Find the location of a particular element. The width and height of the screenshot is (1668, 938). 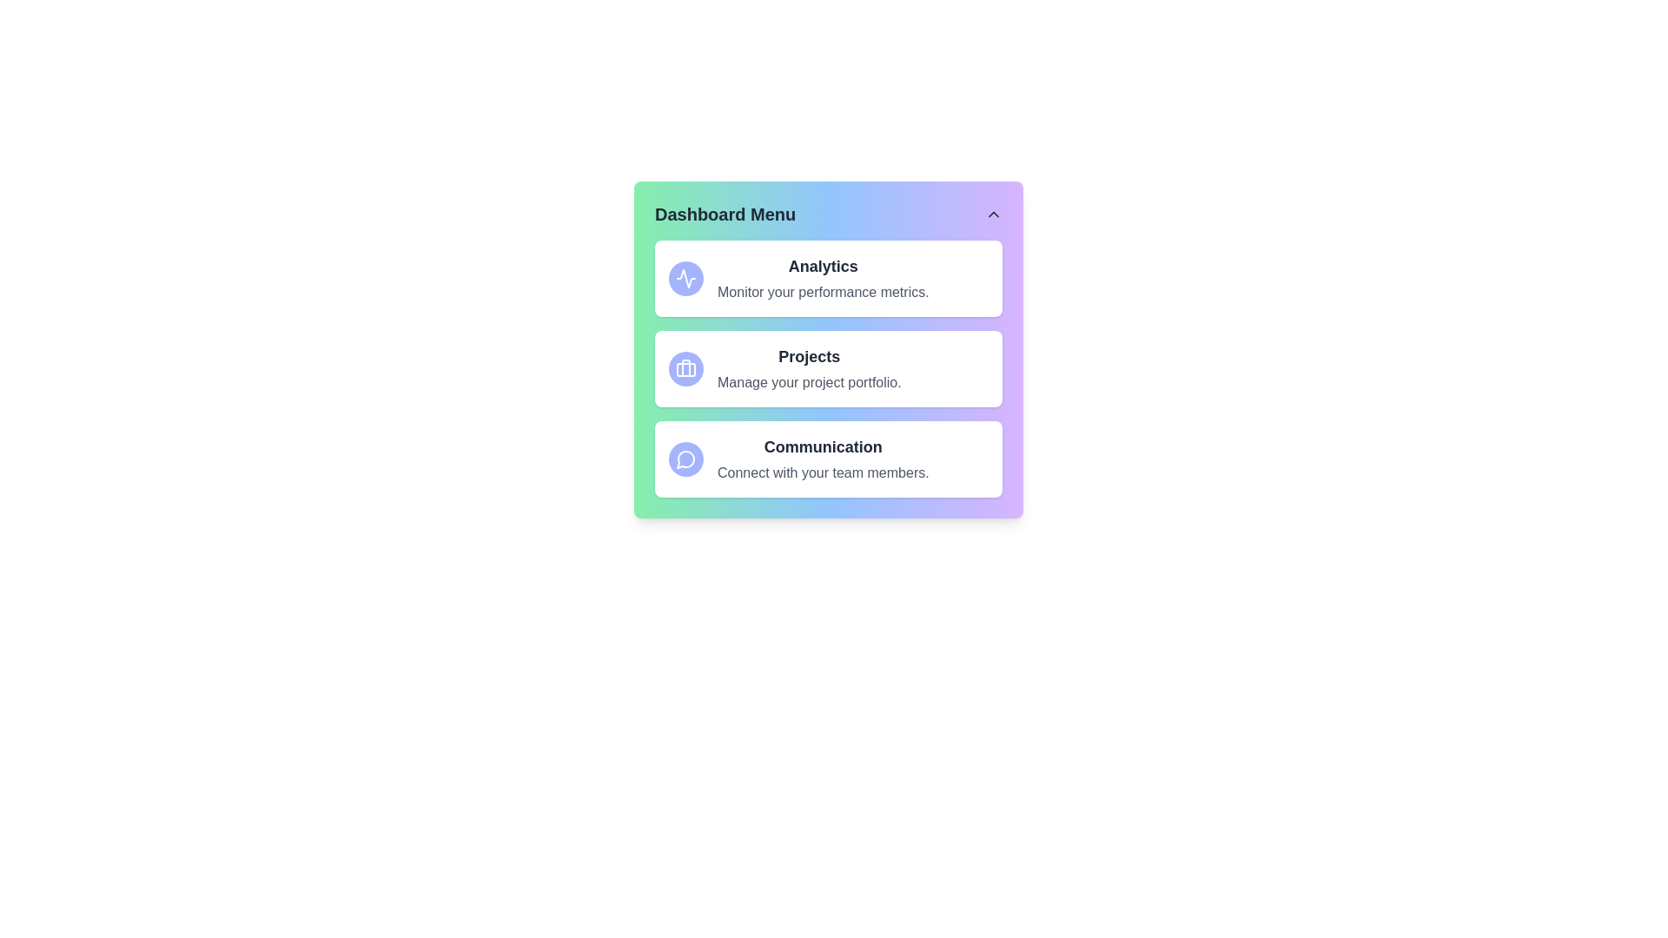

the menu option Projects to view its details is located at coordinates (828, 367).